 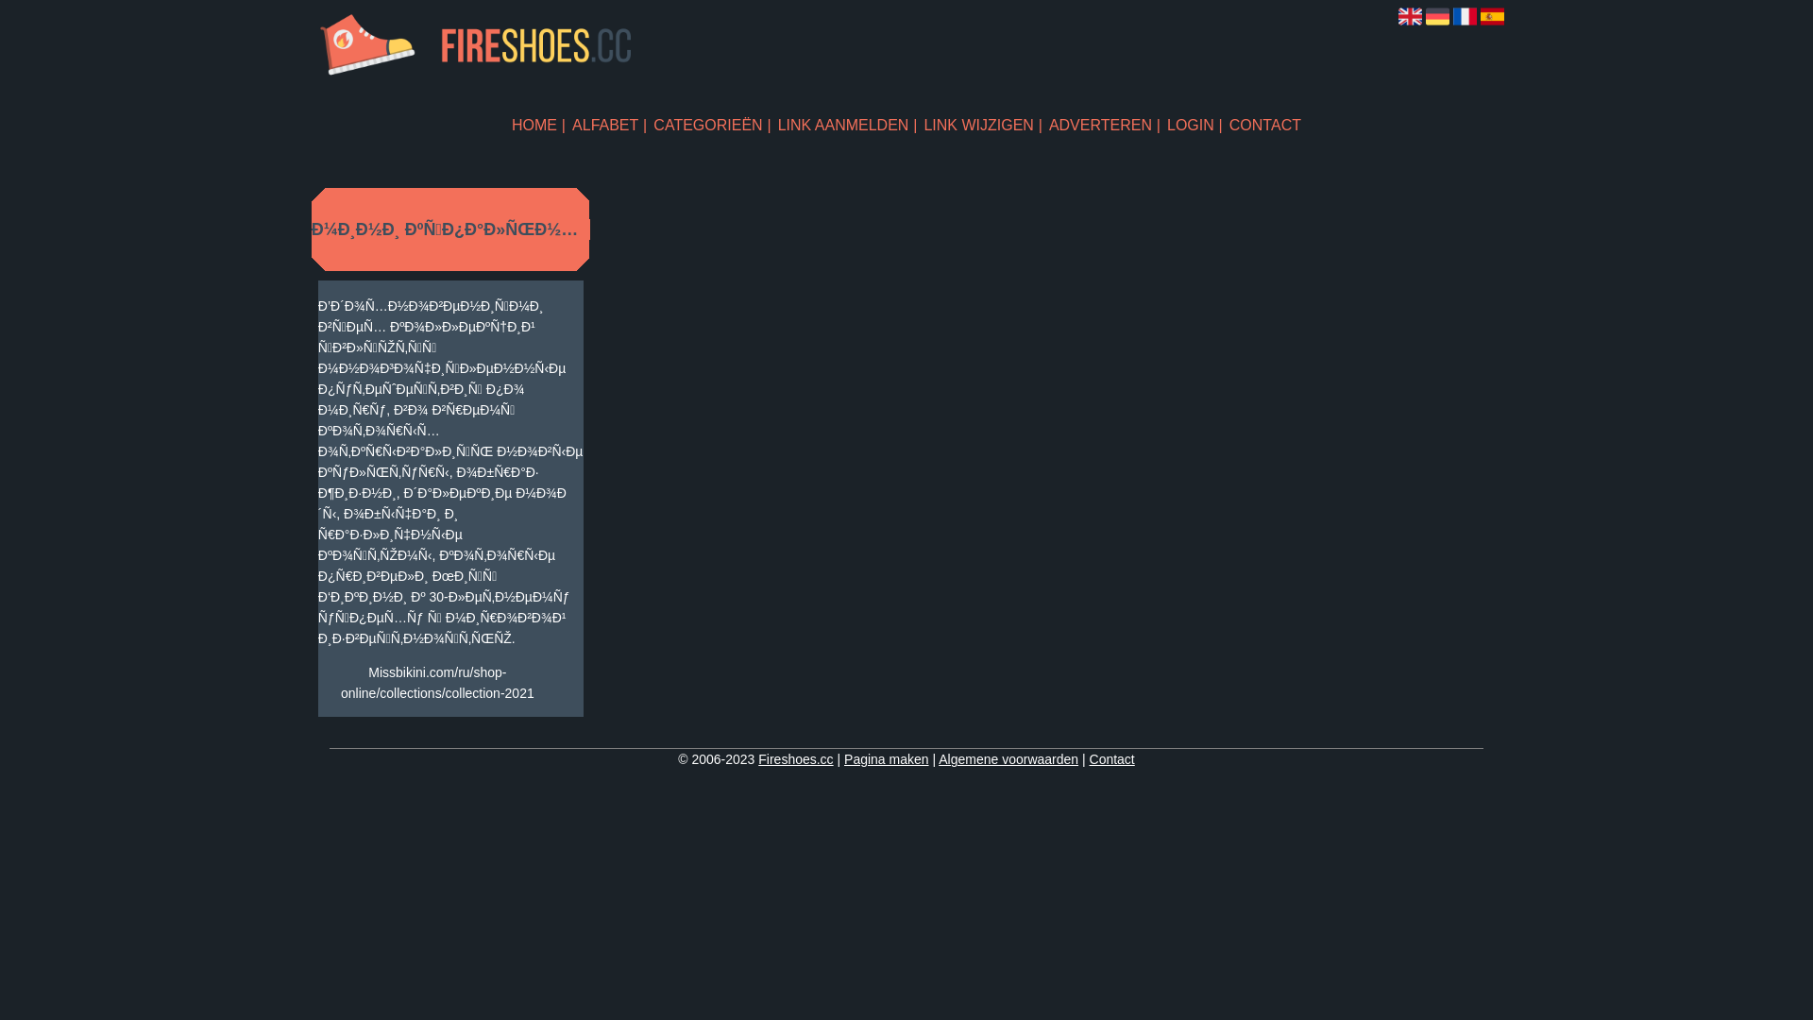 What do you see at coordinates (1008, 757) in the screenshot?
I see `'Algemene voorwaarden'` at bounding box center [1008, 757].